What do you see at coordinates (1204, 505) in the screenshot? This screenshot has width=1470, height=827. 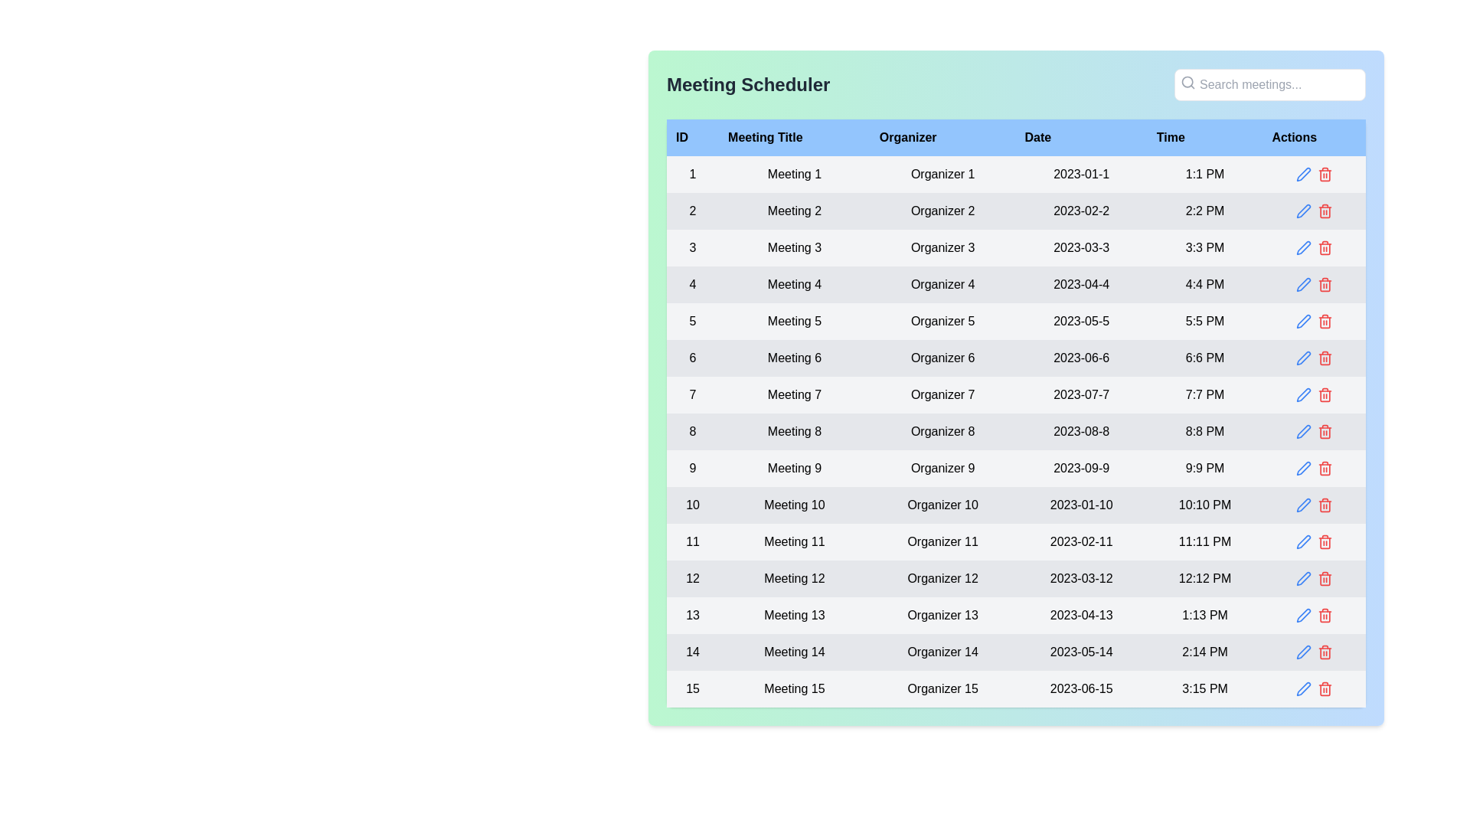 I see `text label displaying '10:10 PM' in black text, which is centered within a light gray background, located in the fifth column of the tenth row of the table for 'Meeting 10'` at bounding box center [1204, 505].